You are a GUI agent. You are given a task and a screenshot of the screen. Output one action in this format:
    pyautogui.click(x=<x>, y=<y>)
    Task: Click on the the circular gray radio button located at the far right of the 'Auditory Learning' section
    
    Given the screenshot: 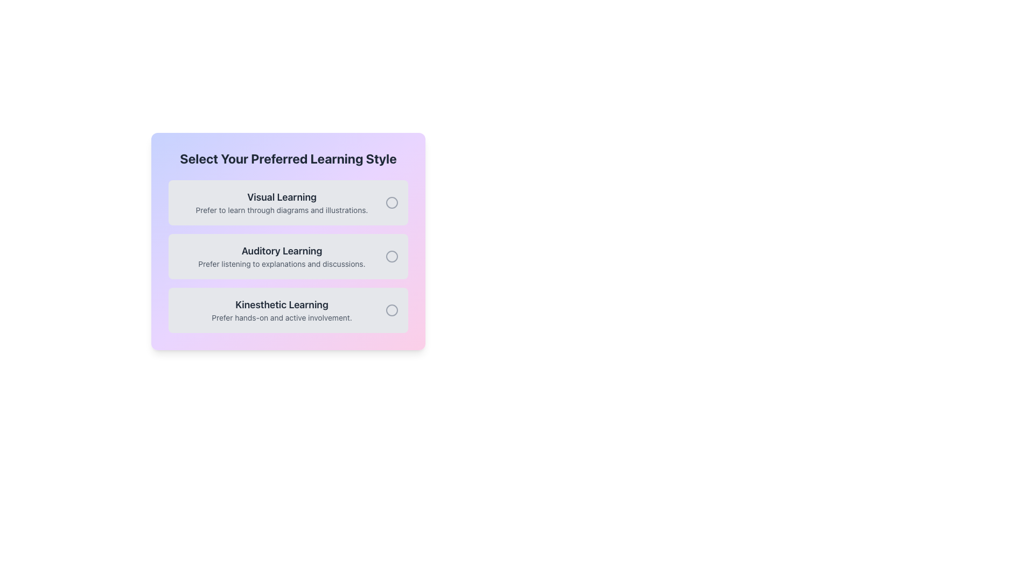 What is the action you would take?
    pyautogui.click(x=392, y=257)
    